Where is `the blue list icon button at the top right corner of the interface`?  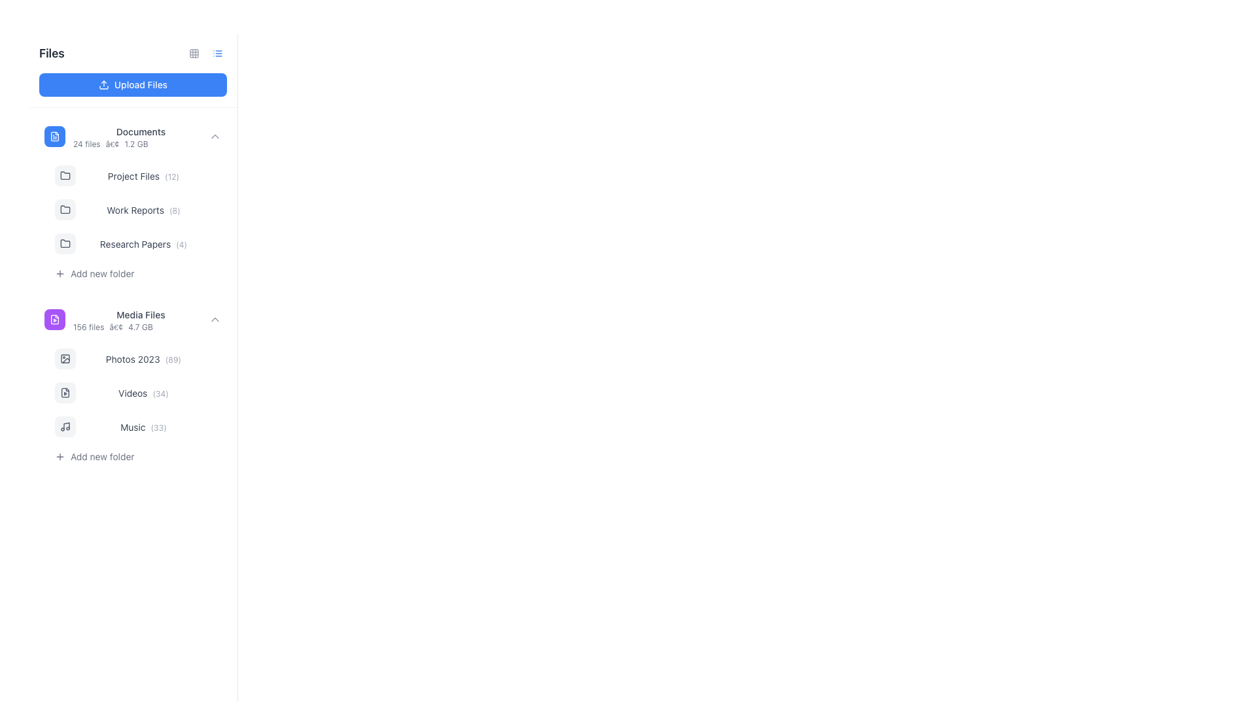
the blue list icon button at the top right corner of the interface is located at coordinates (217, 52).